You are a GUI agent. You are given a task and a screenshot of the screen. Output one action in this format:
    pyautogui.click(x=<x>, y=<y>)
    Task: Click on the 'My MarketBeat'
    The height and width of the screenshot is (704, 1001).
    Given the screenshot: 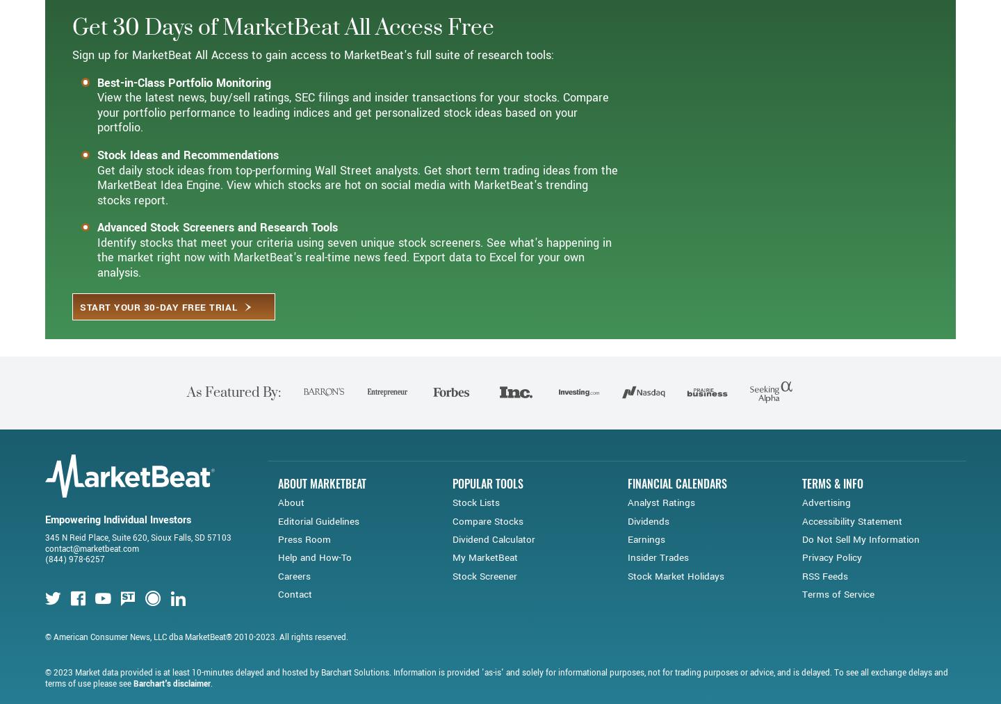 What is the action you would take?
    pyautogui.click(x=485, y=607)
    